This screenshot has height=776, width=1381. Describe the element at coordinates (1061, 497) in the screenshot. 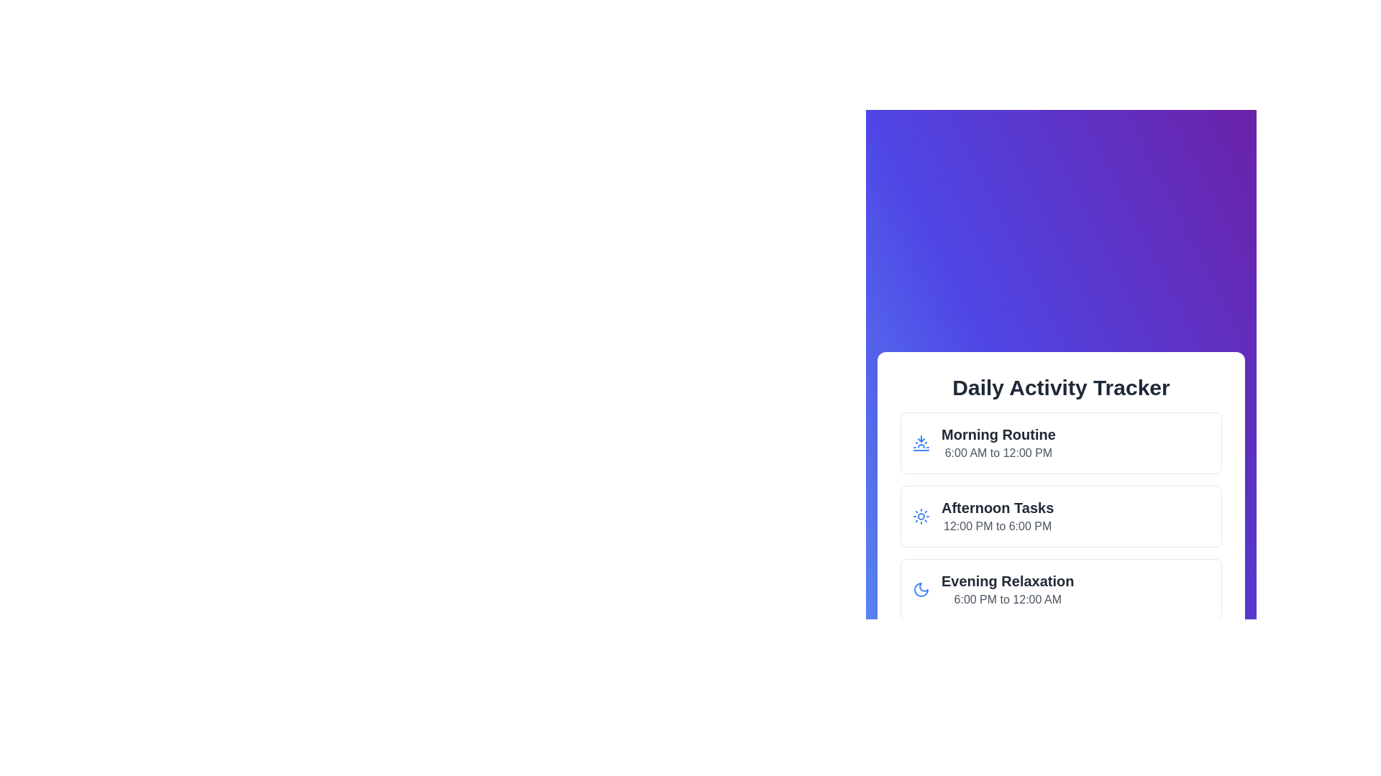

I see `the 'Daily Activity Tracker' element to read the time schedule by clicking on its center point` at that location.